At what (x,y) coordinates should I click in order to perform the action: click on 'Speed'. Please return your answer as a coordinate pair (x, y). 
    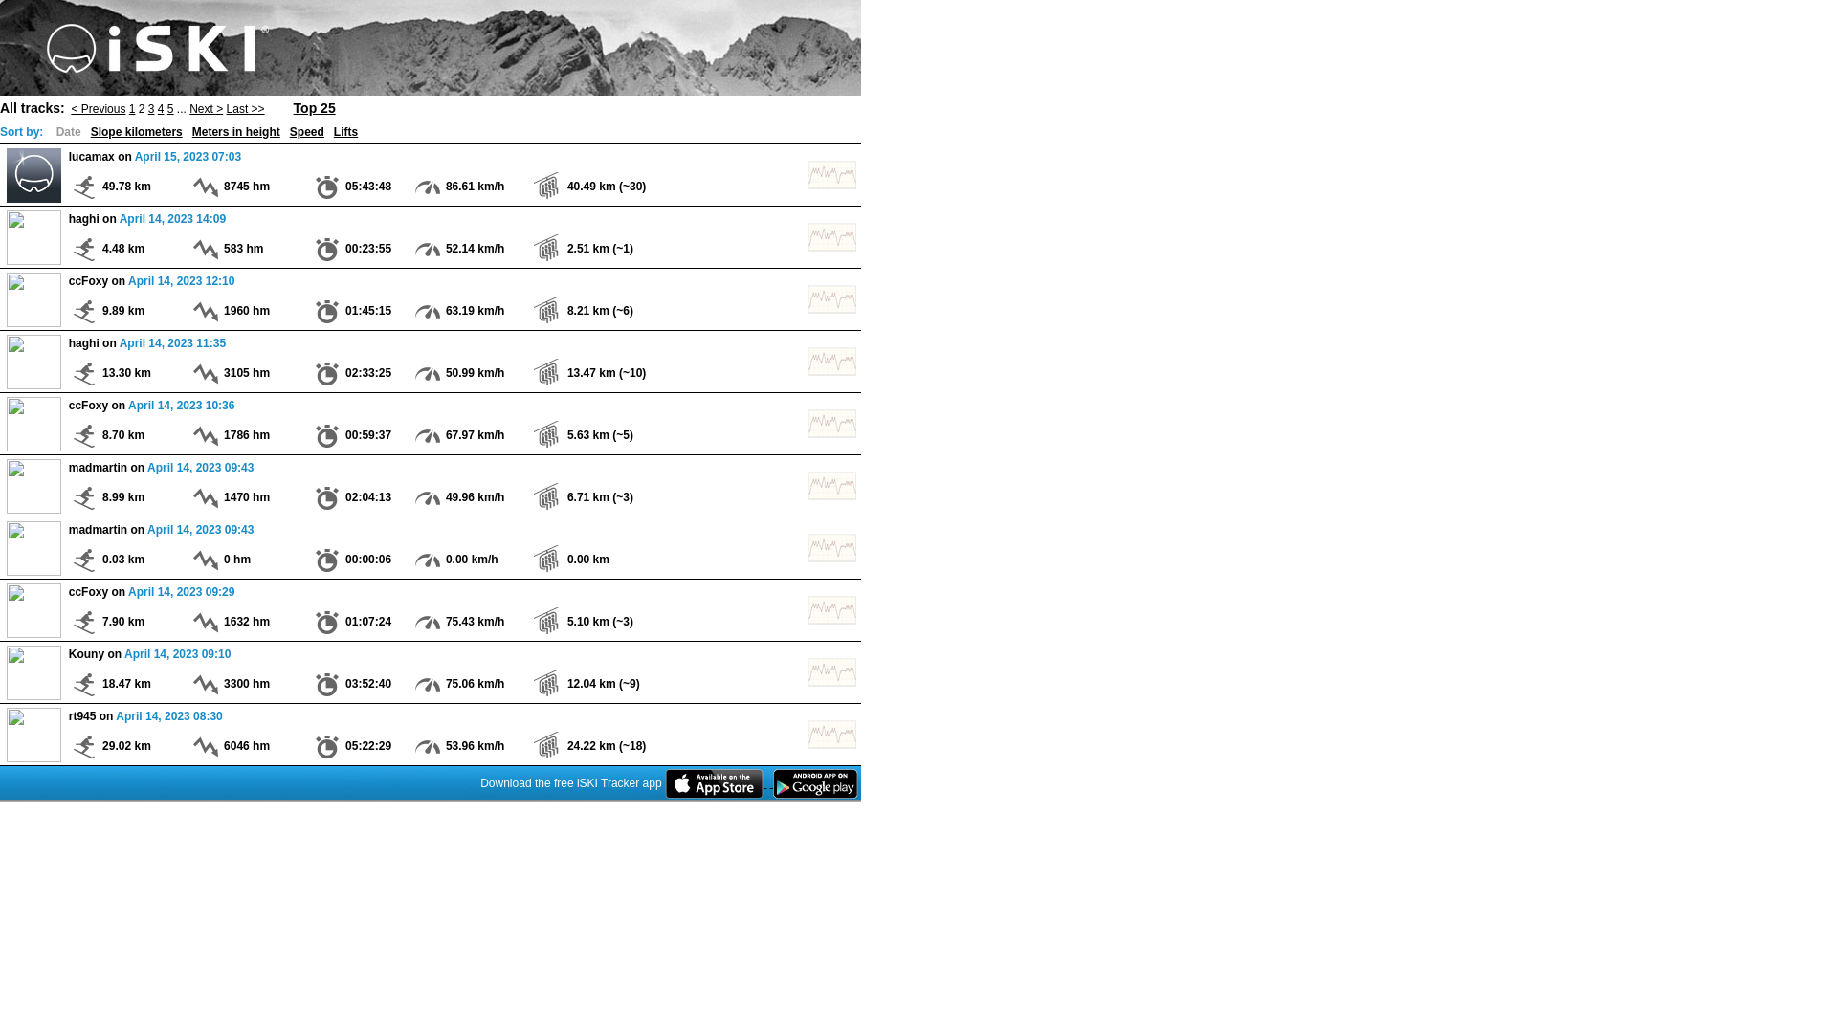
    Looking at the image, I should click on (307, 130).